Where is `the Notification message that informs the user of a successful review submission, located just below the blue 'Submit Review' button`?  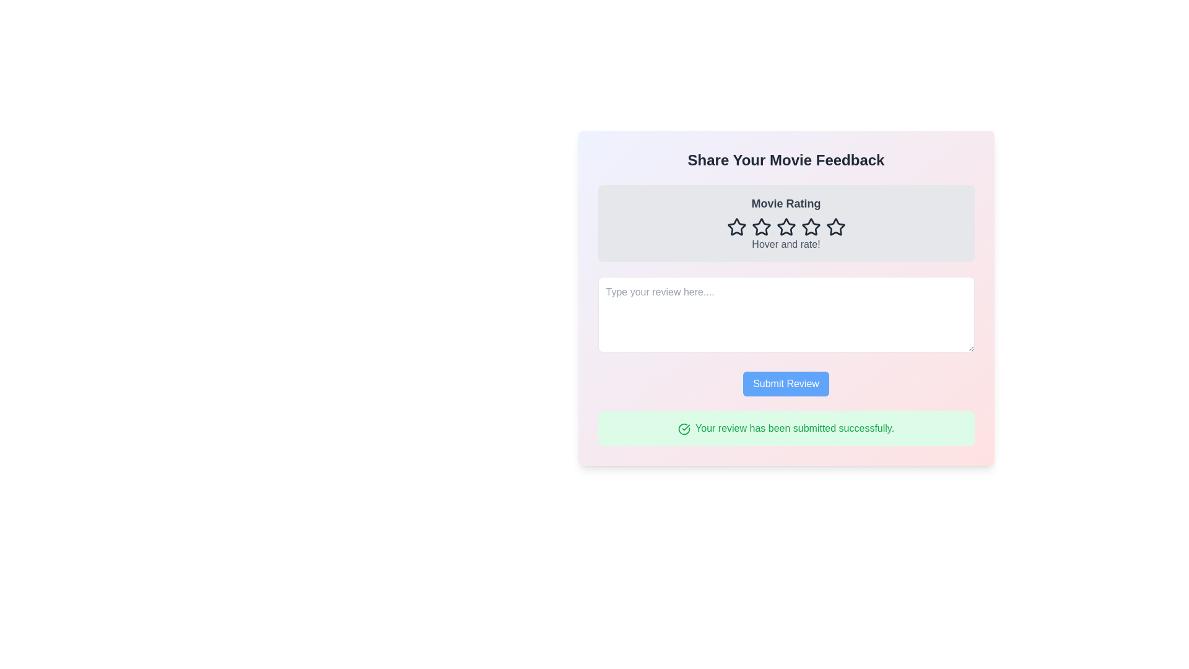 the Notification message that informs the user of a successful review submission, located just below the blue 'Submit Review' button is located at coordinates (785, 427).